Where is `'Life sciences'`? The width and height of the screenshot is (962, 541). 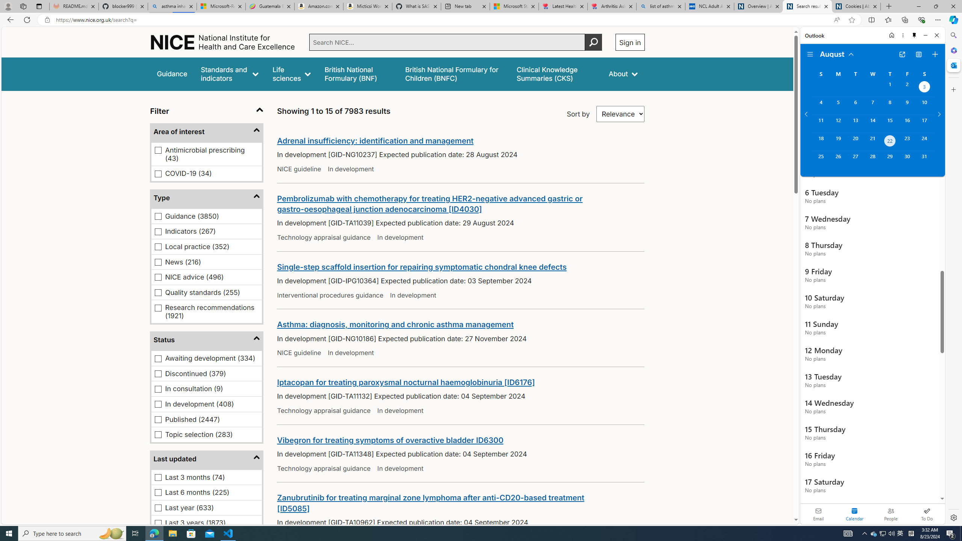 'Life sciences' is located at coordinates (291, 74).